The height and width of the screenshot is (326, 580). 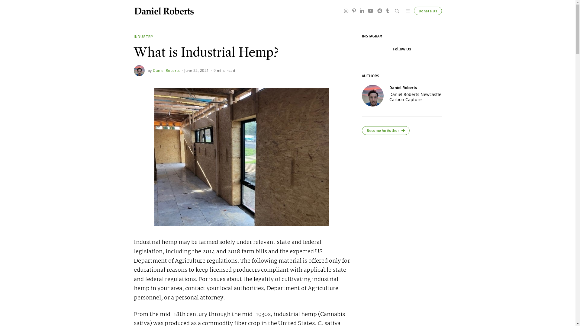 I want to click on 'Daniel Roberts Newcastle Carbon Capture', so click(x=415, y=97).